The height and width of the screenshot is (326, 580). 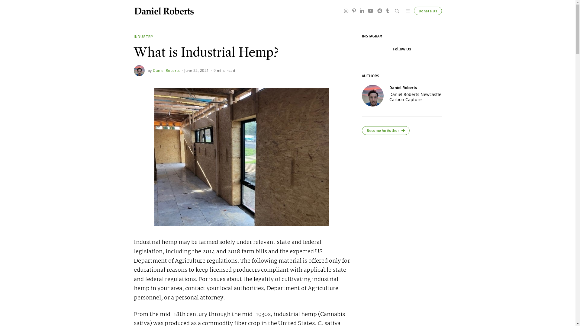 I want to click on 'Daniel Roberts Newcastle Carbon Capture', so click(x=415, y=97).